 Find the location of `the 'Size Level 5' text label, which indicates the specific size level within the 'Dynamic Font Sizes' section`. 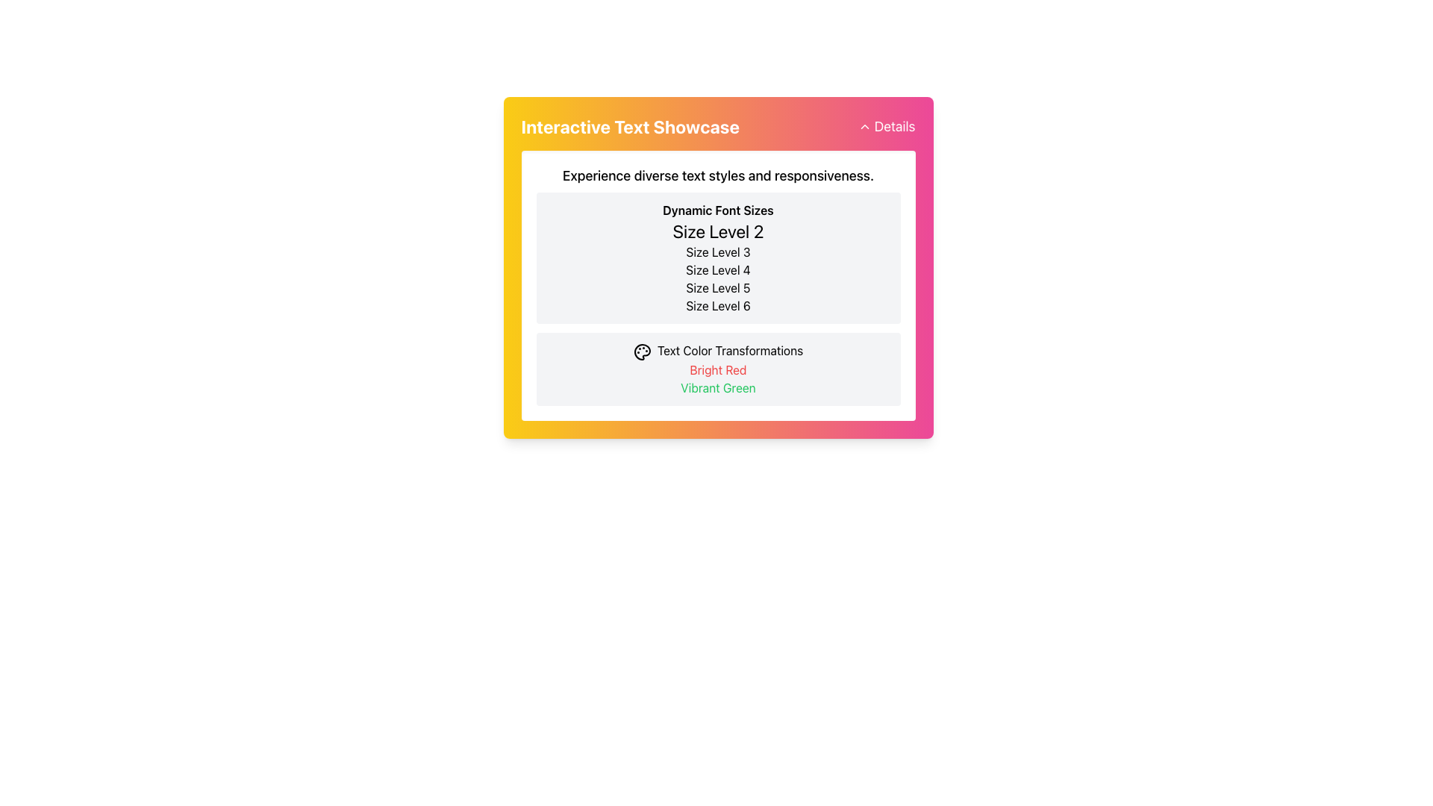

the 'Size Level 5' text label, which indicates the specific size level within the 'Dynamic Font Sizes' section is located at coordinates (718, 287).